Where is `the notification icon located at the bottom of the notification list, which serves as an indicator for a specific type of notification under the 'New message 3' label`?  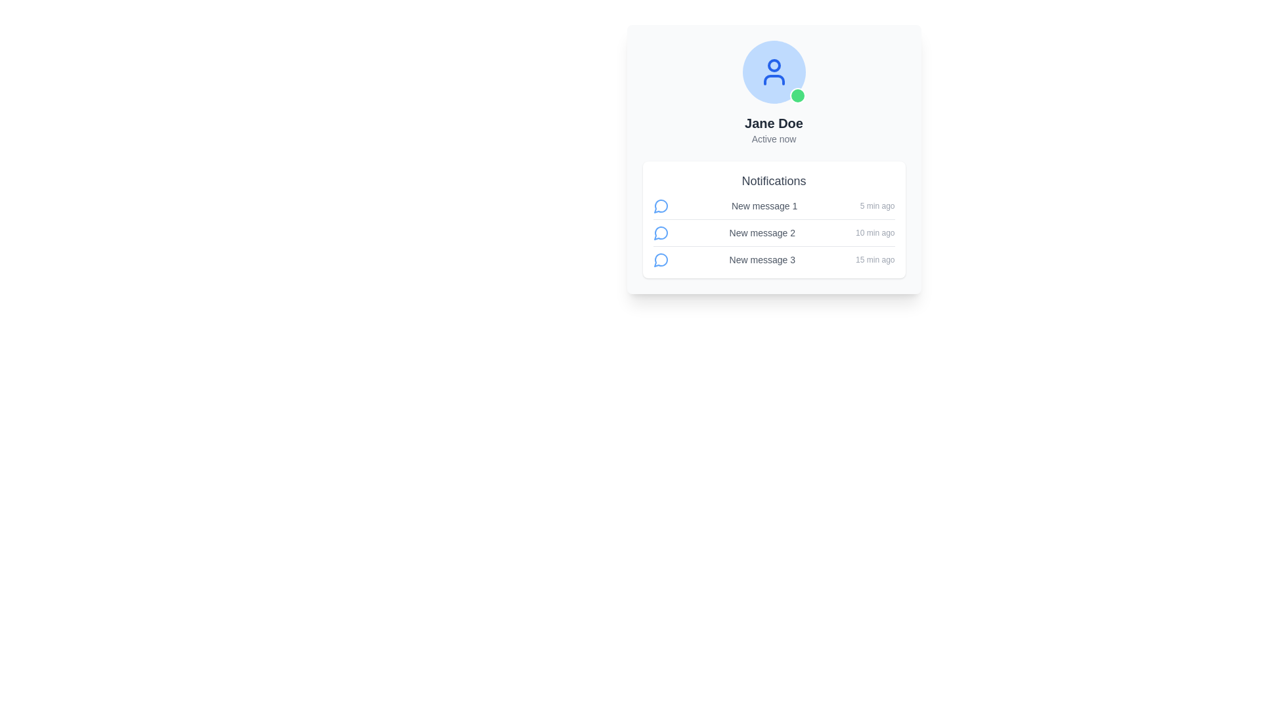
the notification icon located at the bottom of the notification list, which serves as an indicator for a specific type of notification under the 'New message 3' label is located at coordinates (661, 260).